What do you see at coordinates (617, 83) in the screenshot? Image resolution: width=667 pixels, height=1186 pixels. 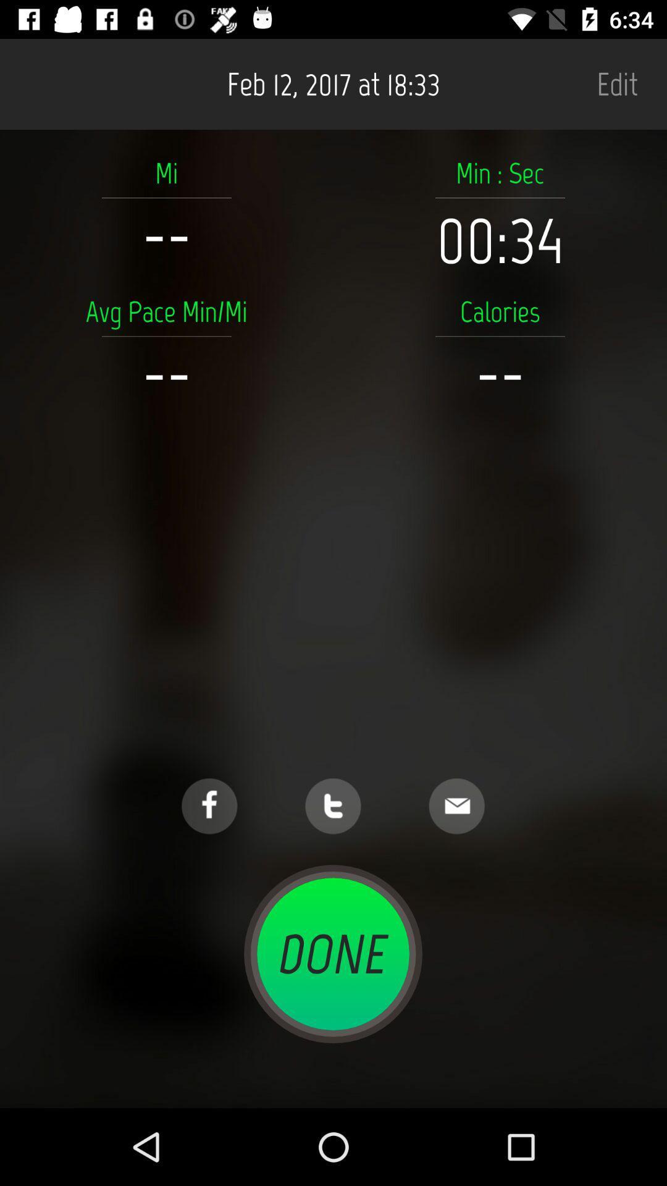 I see `edit icon` at bounding box center [617, 83].